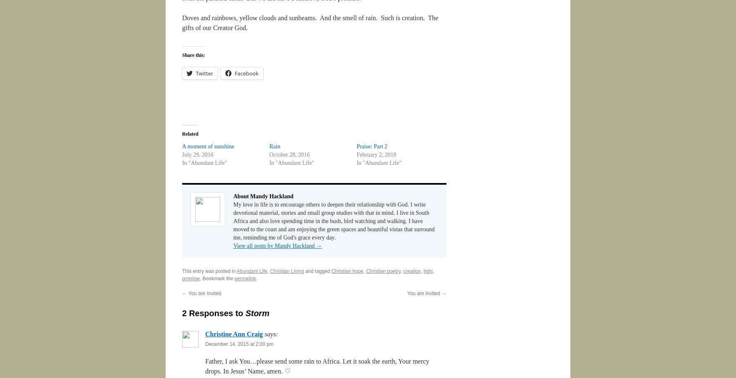  I want to click on 'permalink', so click(245, 279).